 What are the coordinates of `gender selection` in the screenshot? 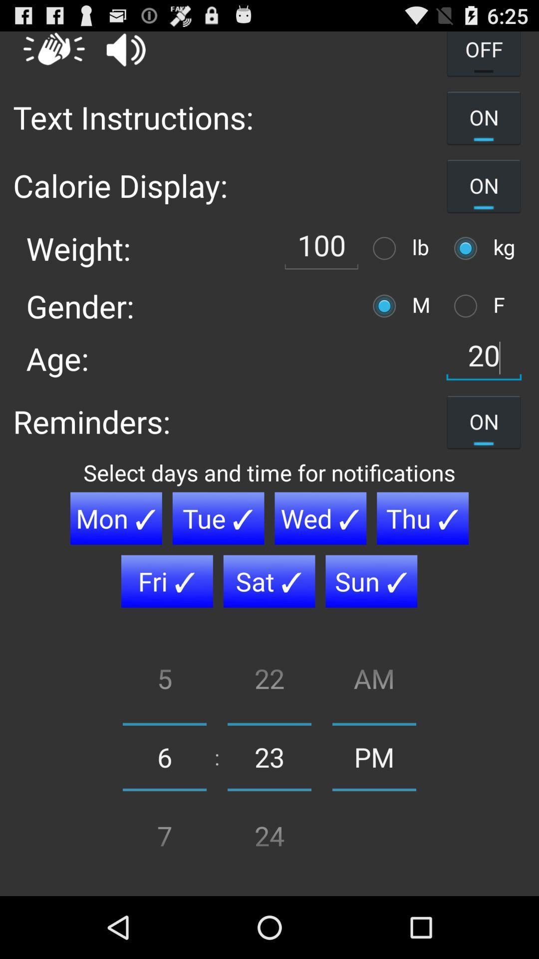 It's located at (386, 305).